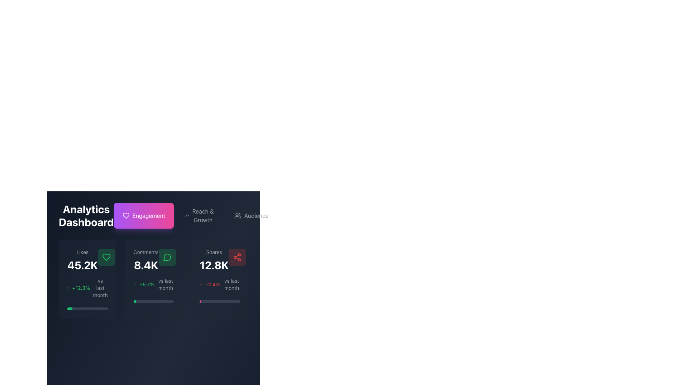 Image resolution: width=688 pixels, height=387 pixels. Describe the element at coordinates (148, 215) in the screenshot. I see `the 'Engagement' text label within the button component located in the top area of the dashboard, which is part of a colorful section above the metrics overview` at that location.